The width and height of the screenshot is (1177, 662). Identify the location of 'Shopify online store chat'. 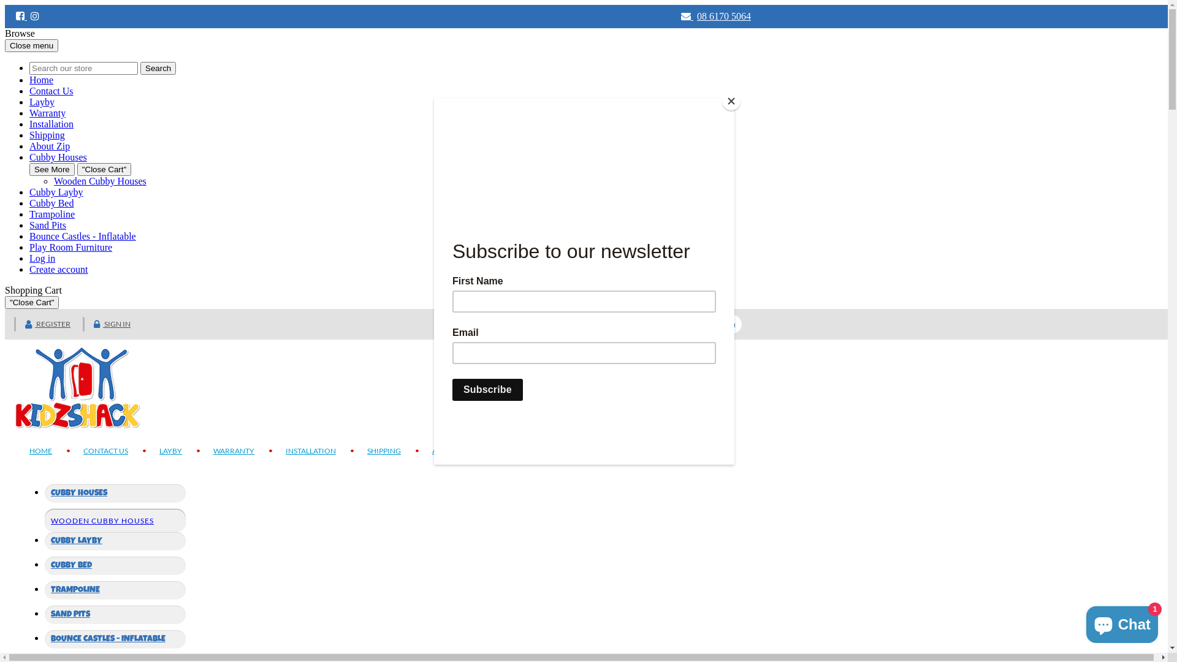
(1122, 622).